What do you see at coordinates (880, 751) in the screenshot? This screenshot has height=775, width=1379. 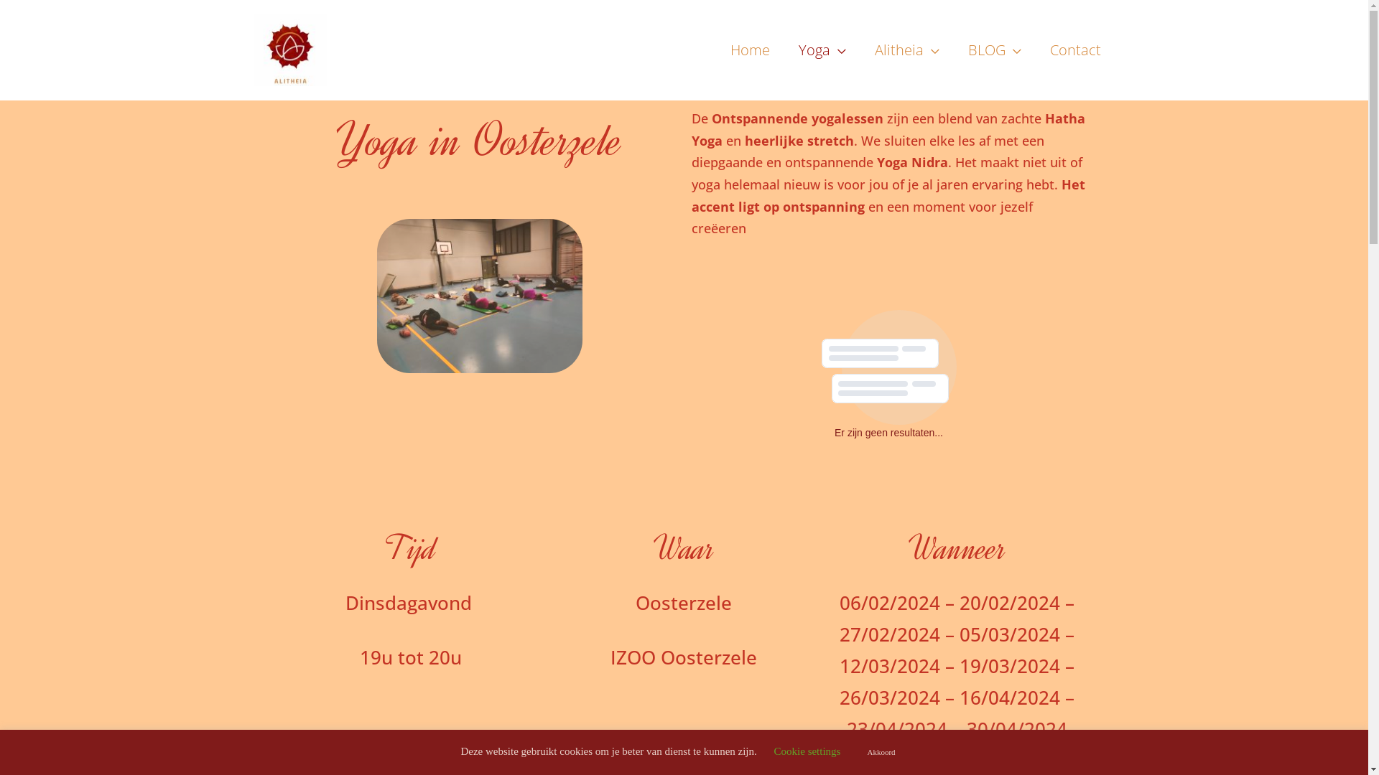 I see `'Akkoord'` at bounding box center [880, 751].